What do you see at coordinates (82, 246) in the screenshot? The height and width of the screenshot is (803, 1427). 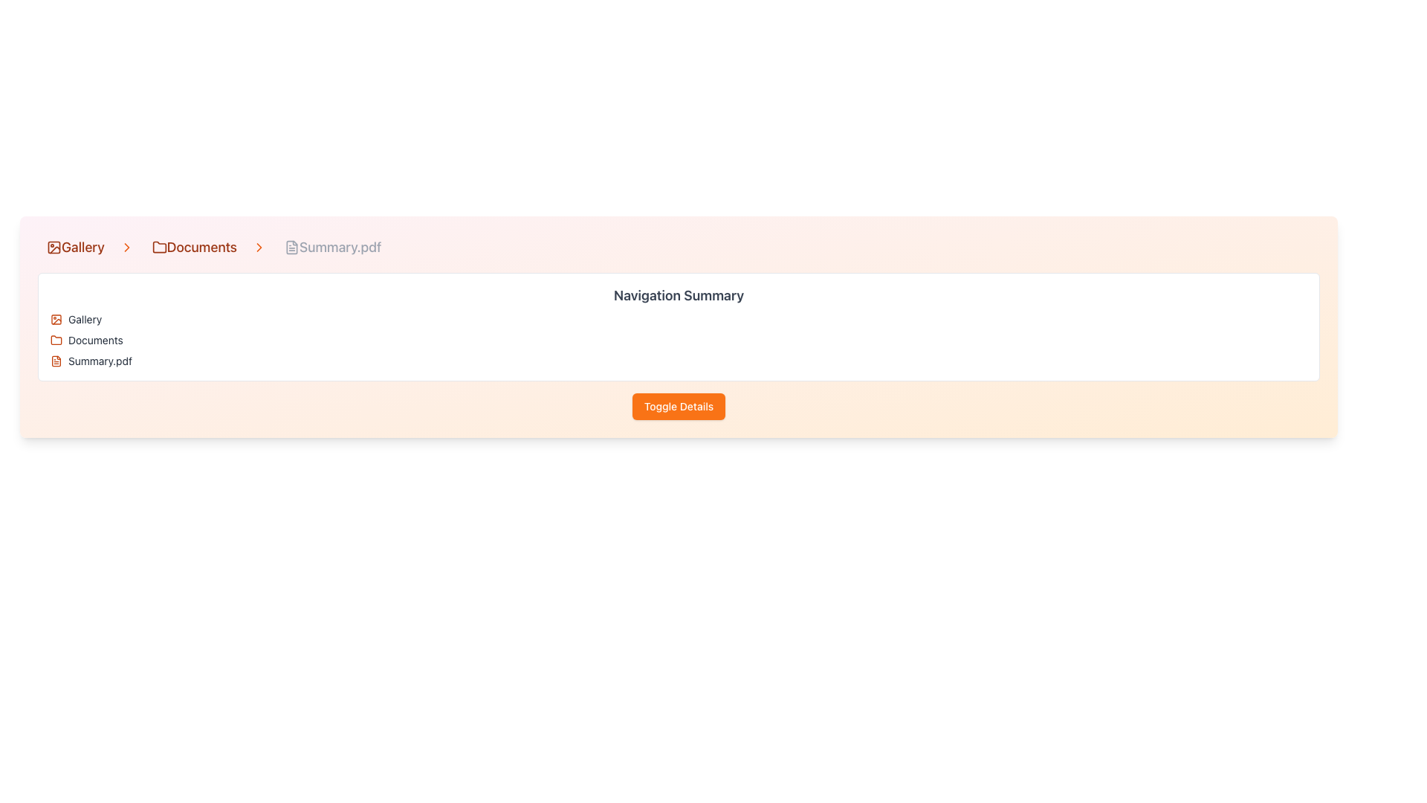 I see `the Breadcrumb text displaying 'Gallery' in an orange-brown serif font, part of the breadcrumb navigation bar` at bounding box center [82, 246].